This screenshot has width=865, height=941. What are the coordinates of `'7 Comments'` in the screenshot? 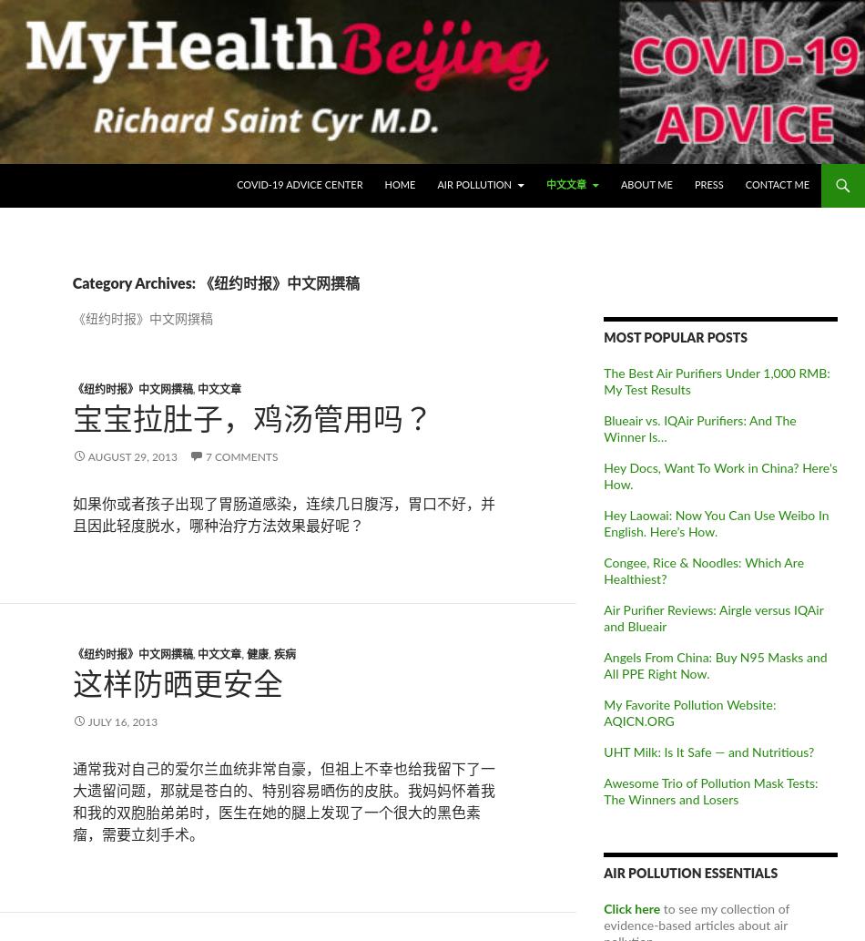 It's located at (239, 456).